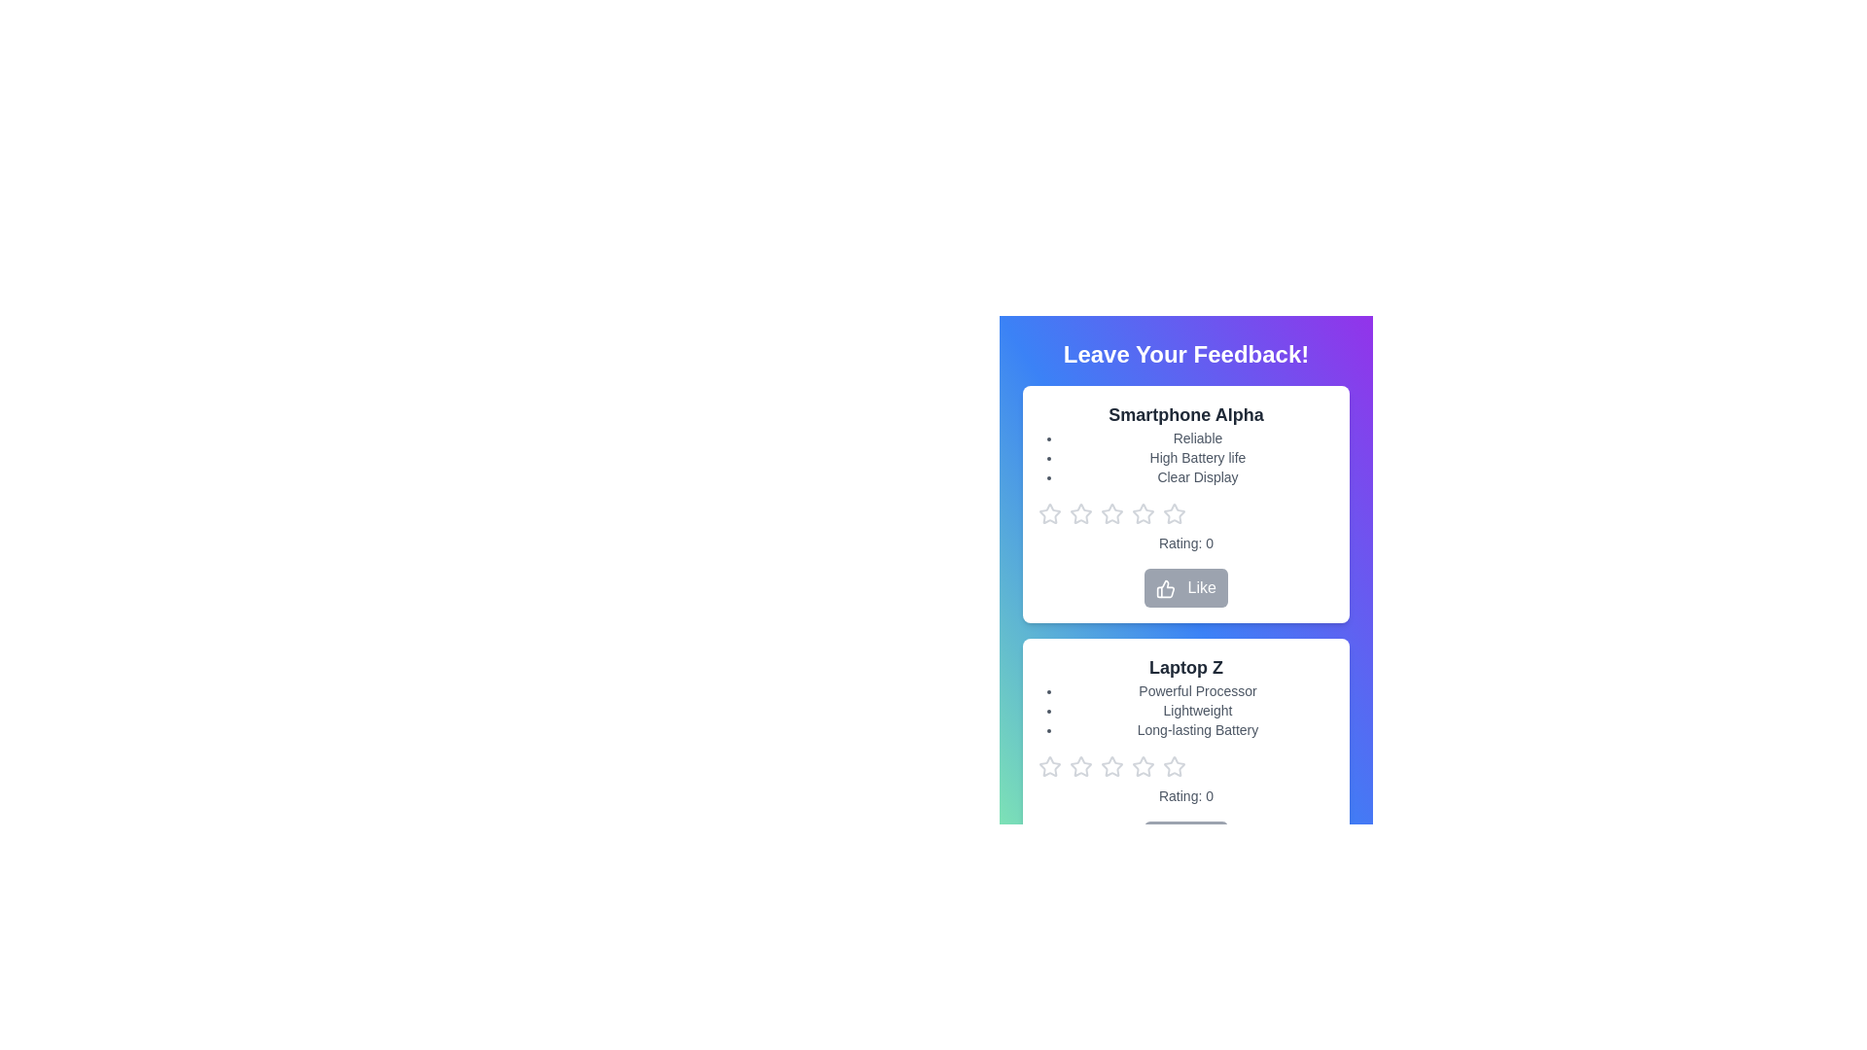 This screenshot has width=1867, height=1050. What do you see at coordinates (1111, 766) in the screenshot?
I see `the fourth star icon used for rating the product 'Laptop Z'` at bounding box center [1111, 766].